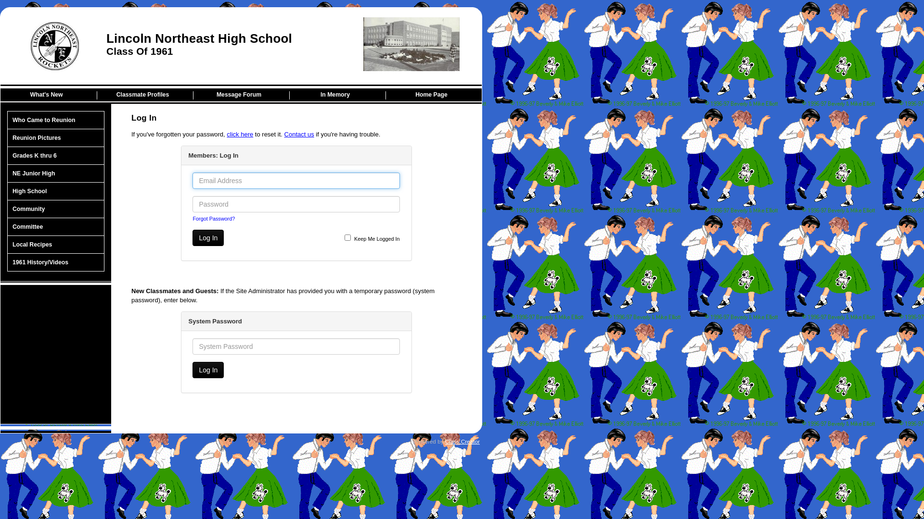  Describe the element at coordinates (48, 95) in the screenshot. I see `'What's New'` at that location.